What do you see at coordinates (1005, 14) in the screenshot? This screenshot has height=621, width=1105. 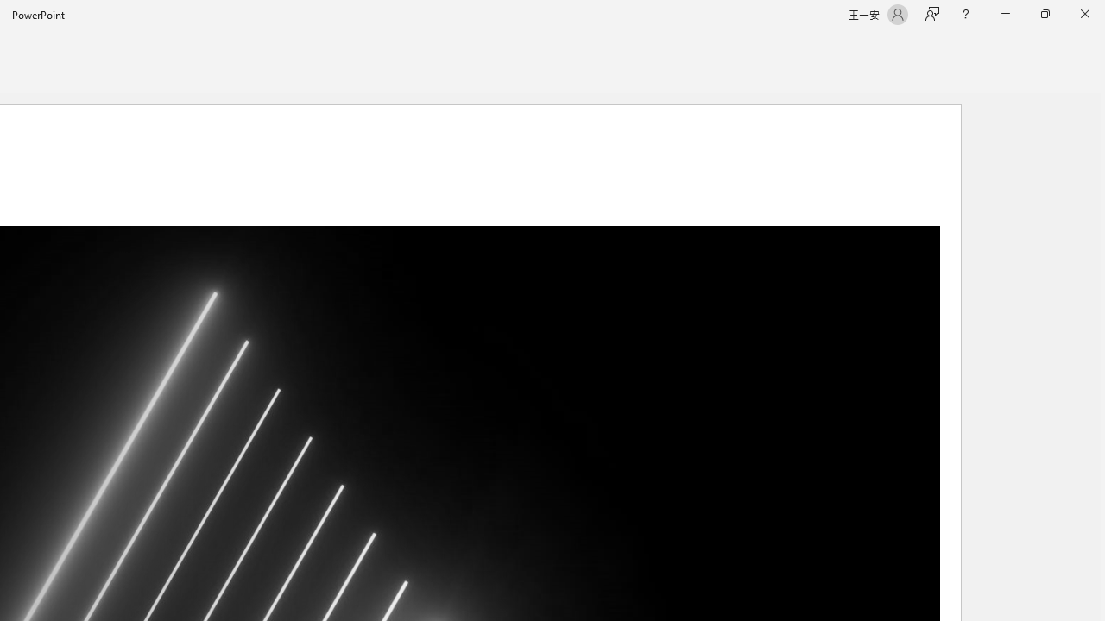 I see `'Minimize'` at bounding box center [1005, 14].